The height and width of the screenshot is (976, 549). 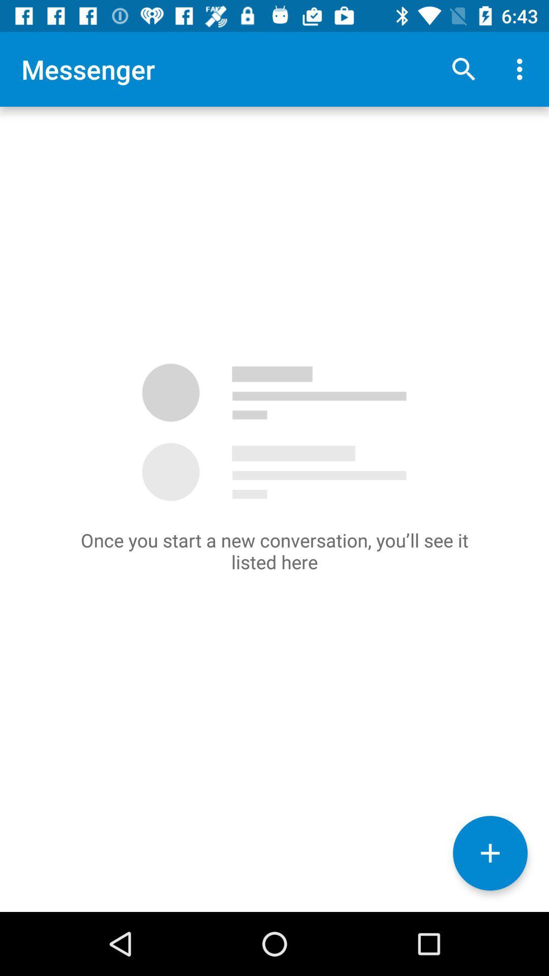 I want to click on the icon next to the messenger icon, so click(x=463, y=69).